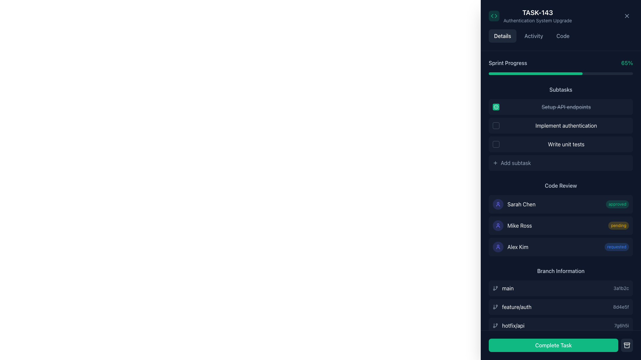 The height and width of the screenshot is (360, 641). I want to click on the text label displaying 'Alex Kim' in white text against a dark background, which is located under the 'Code Review' section, so click(517, 247).